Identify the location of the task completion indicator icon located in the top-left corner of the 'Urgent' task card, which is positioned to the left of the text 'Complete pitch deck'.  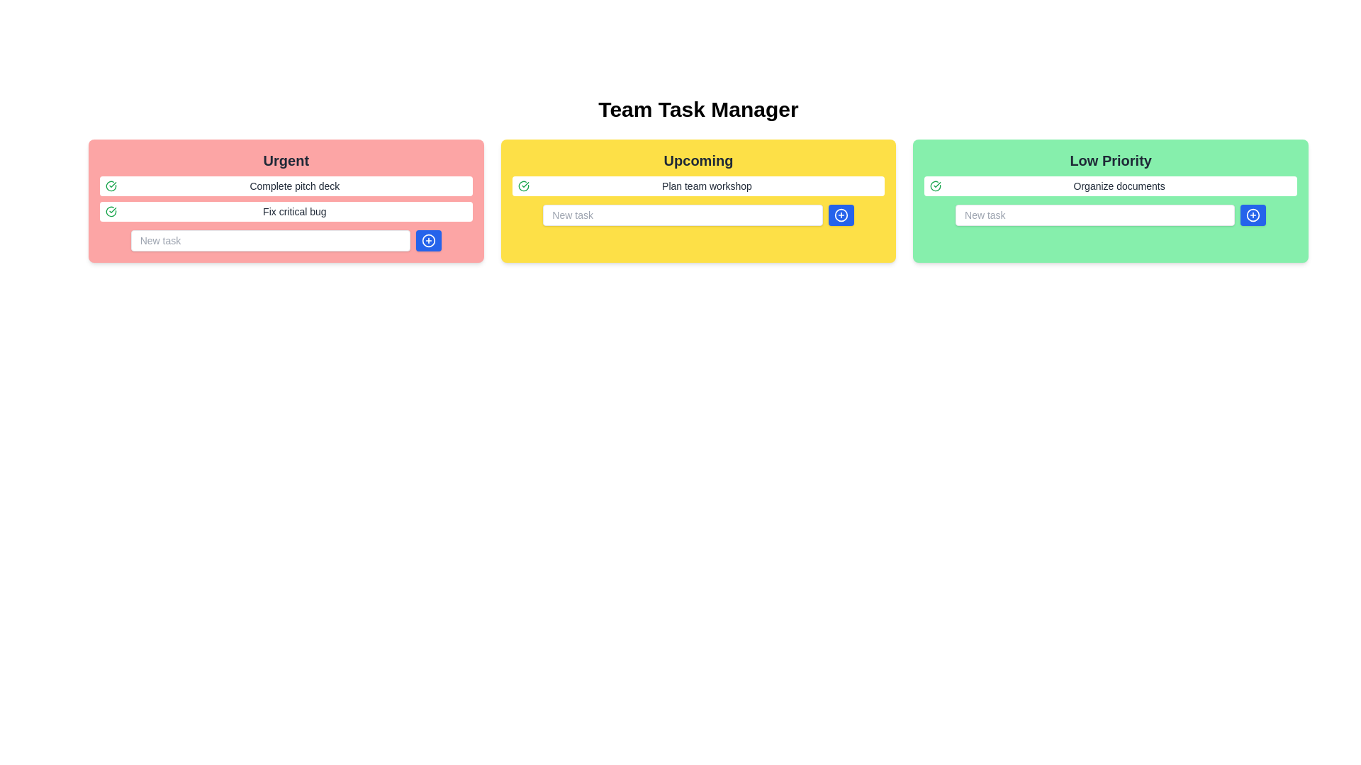
(111, 212).